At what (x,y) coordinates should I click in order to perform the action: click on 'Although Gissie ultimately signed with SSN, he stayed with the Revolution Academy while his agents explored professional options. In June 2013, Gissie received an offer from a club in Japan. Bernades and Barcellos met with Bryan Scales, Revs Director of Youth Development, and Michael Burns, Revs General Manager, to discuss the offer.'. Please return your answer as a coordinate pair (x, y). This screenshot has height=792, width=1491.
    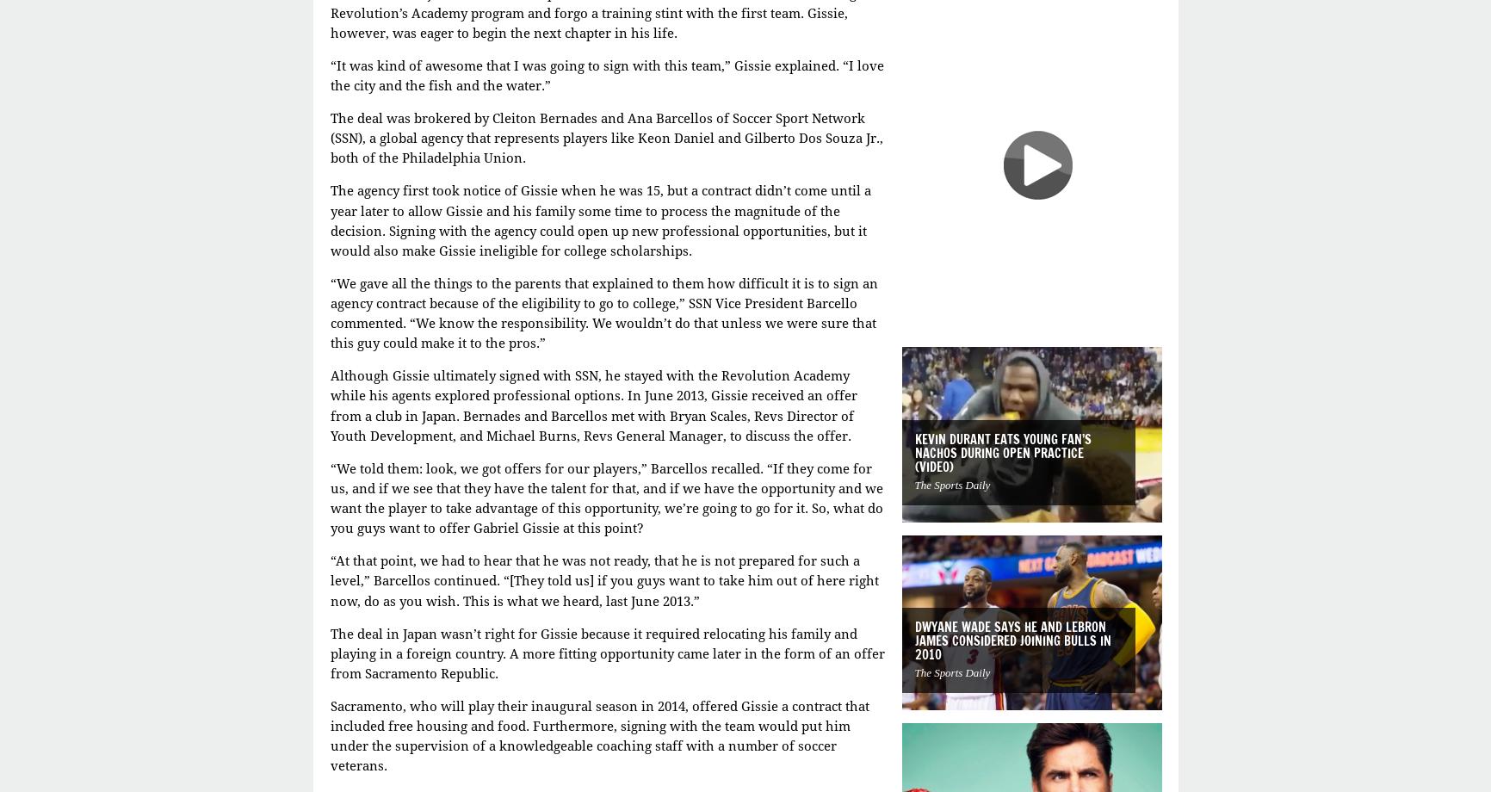
    Looking at the image, I should click on (591, 405).